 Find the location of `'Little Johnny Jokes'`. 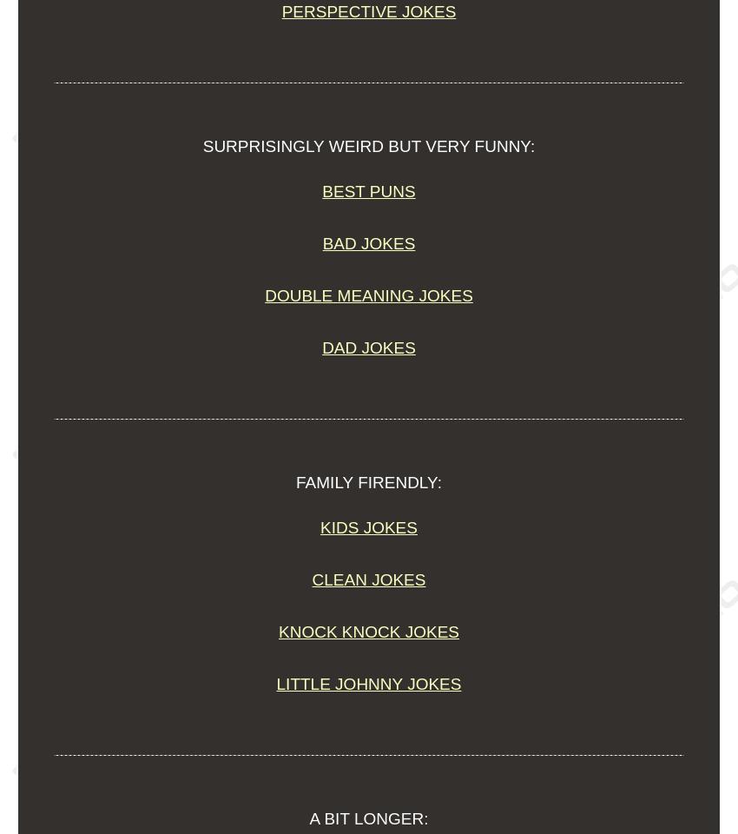

'Little Johnny Jokes' is located at coordinates (275, 684).